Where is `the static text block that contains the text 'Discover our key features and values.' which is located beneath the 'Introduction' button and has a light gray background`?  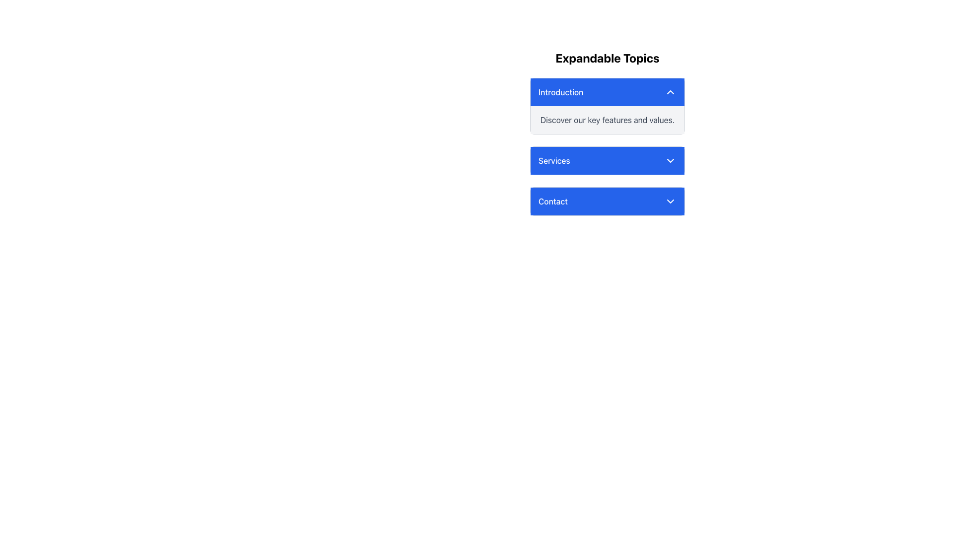 the static text block that contains the text 'Discover our key features and values.' which is located beneath the 'Introduction' button and has a light gray background is located at coordinates (607, 120).